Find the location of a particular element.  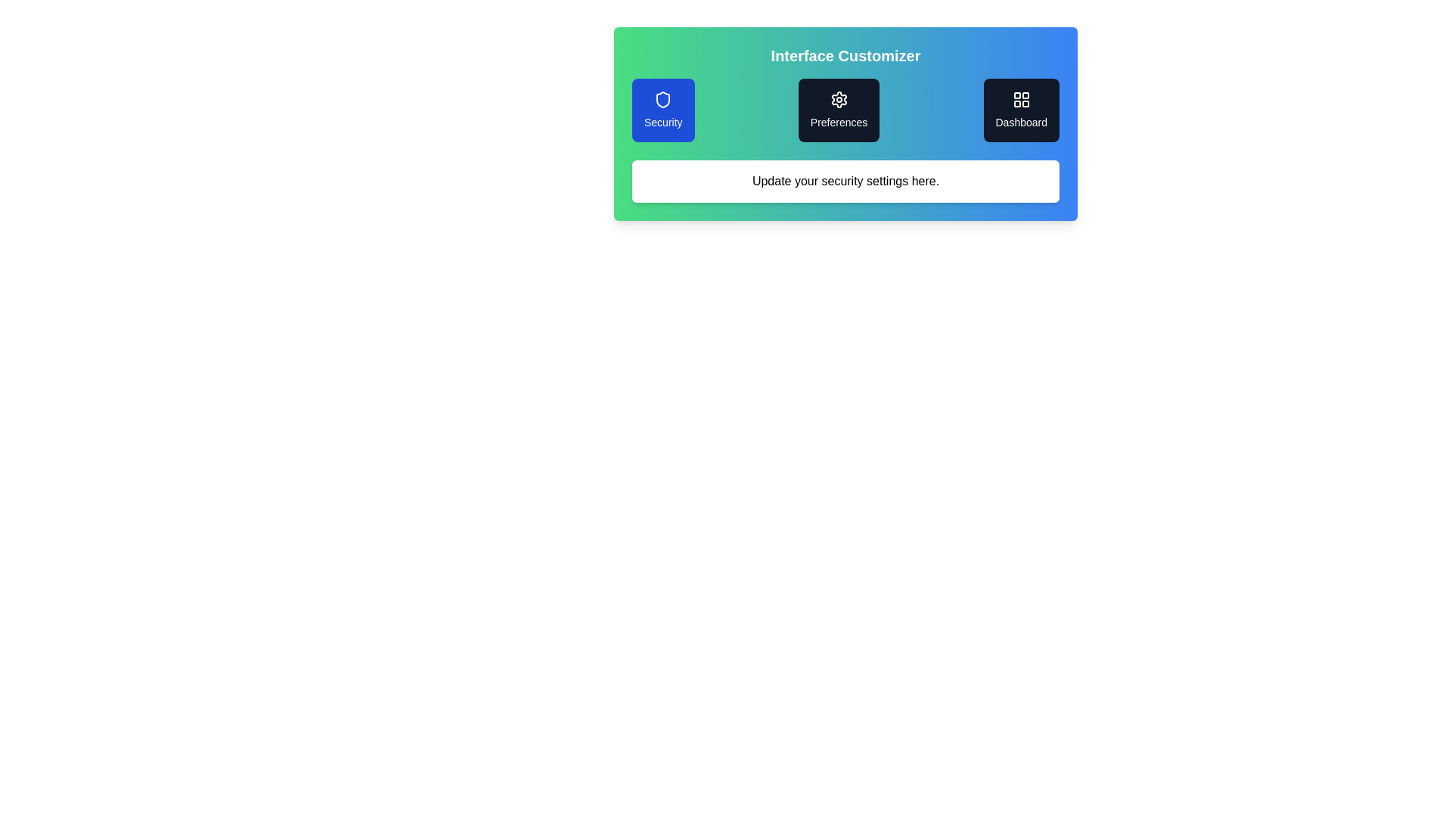

the settings icon located in the 'Preferences' section is located at coordinates (838, 99).